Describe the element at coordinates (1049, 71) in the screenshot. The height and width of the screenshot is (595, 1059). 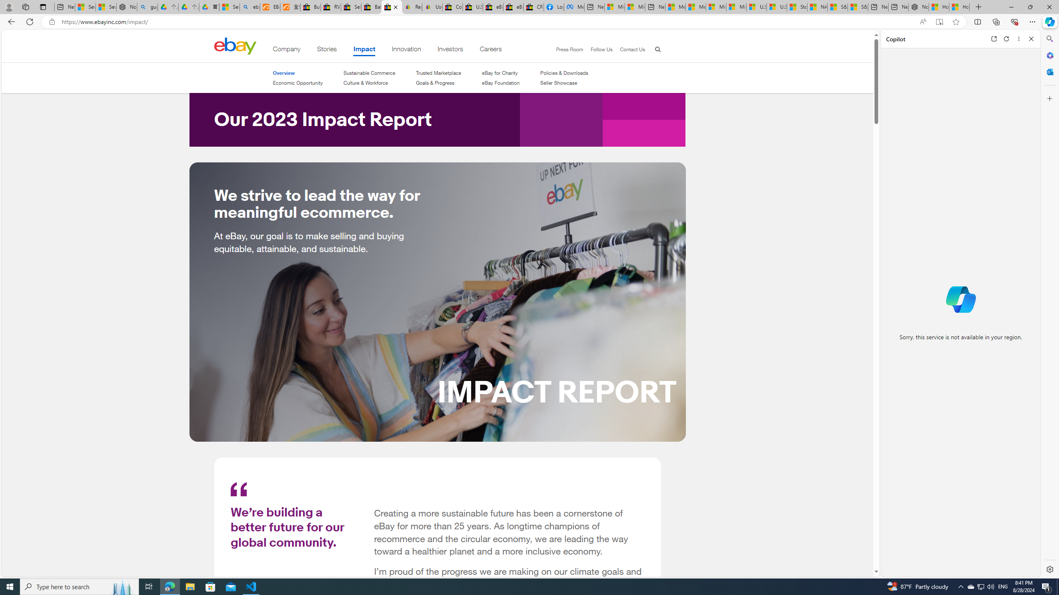
I see `'Outlook'` at that location.